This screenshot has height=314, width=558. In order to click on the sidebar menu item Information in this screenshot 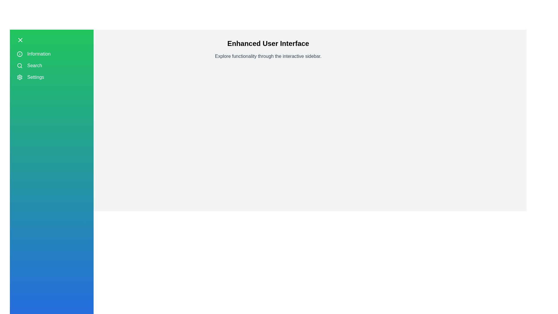, I will do `click(51, 54)`.